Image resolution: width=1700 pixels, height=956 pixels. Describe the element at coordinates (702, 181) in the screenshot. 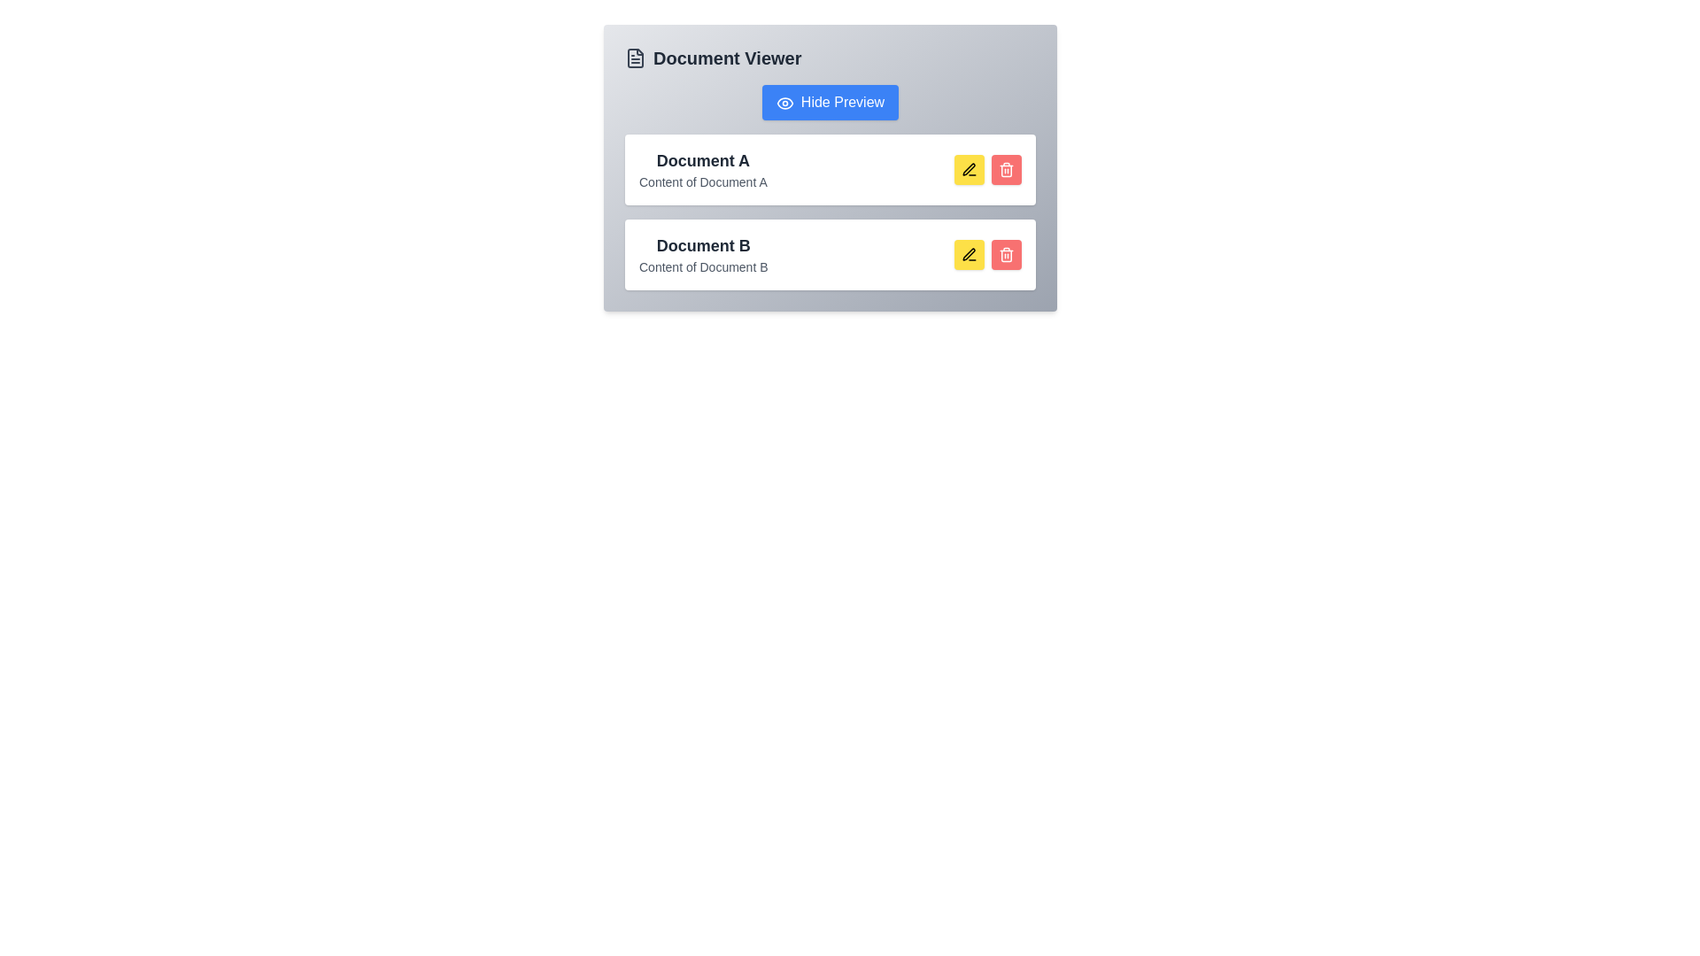

I see `the Text label that displays a brief description or content reference for 'Document A', located just under the header 'Document A'` at that location.